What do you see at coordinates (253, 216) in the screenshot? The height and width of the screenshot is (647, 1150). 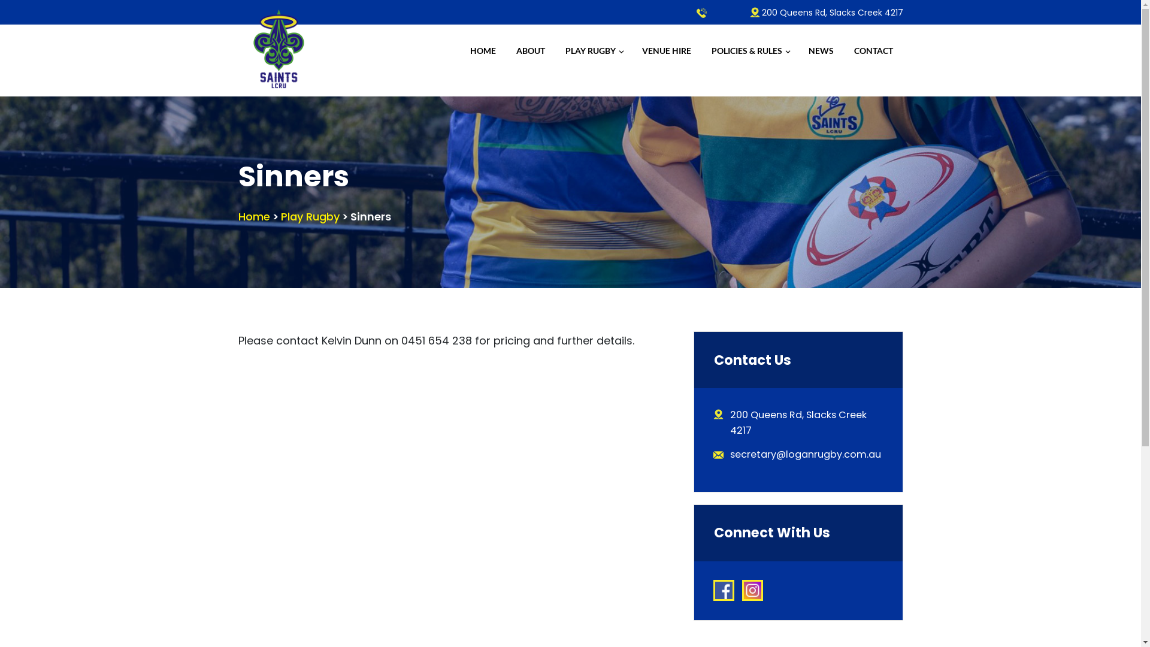 I see `'Home'` at bounding box center [253, 216].